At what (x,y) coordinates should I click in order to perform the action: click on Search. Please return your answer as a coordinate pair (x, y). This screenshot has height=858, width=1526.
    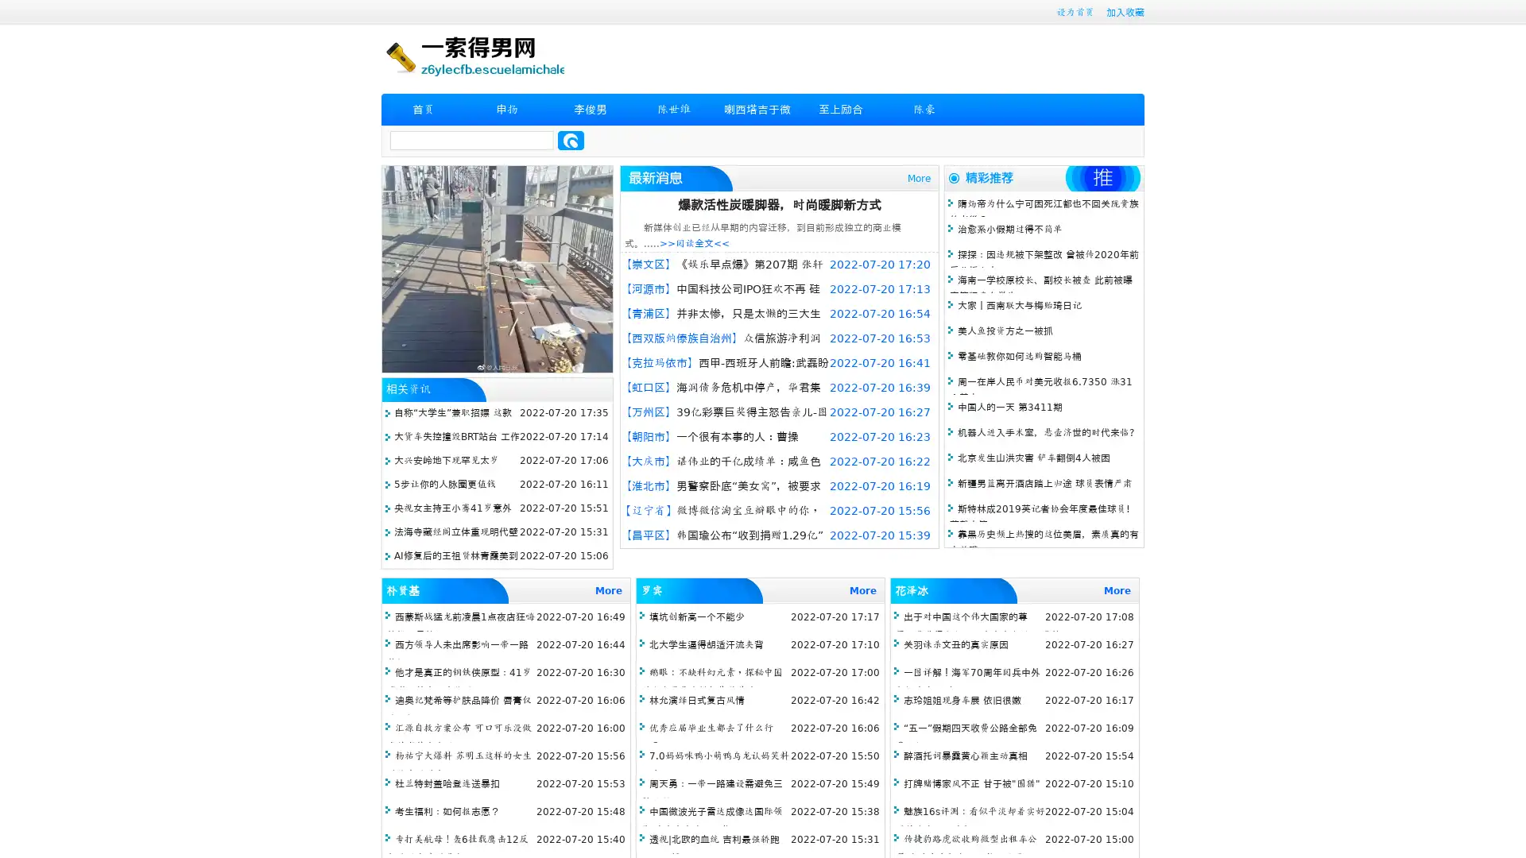
    Looking at the image, I should click on (571, 140).